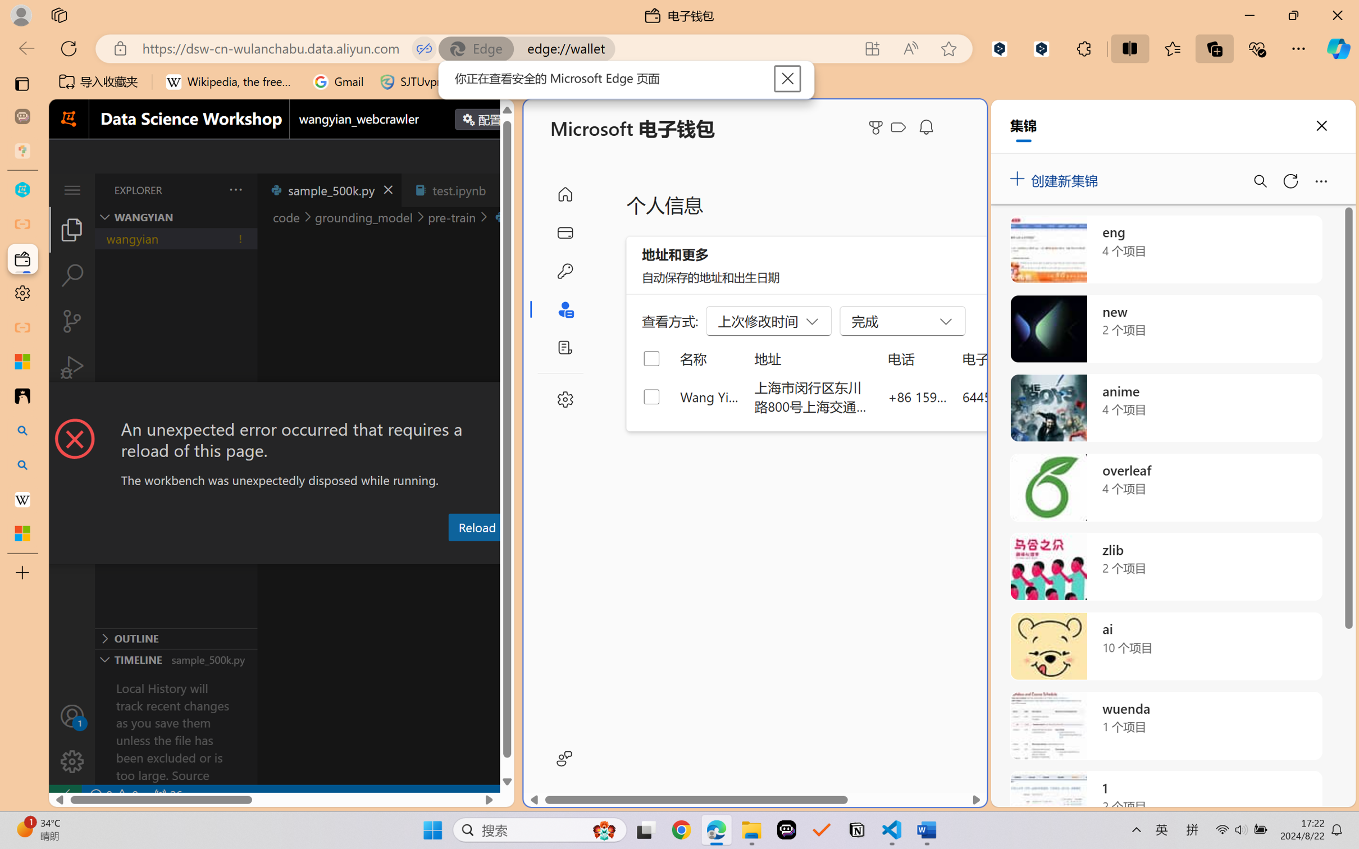 The width and height of the screenshot is (1359, 849). Describe the element at coordinates (71, 189) in the screenshot. I see `'Class: menubar compact overflow-menu-only'` at that location.